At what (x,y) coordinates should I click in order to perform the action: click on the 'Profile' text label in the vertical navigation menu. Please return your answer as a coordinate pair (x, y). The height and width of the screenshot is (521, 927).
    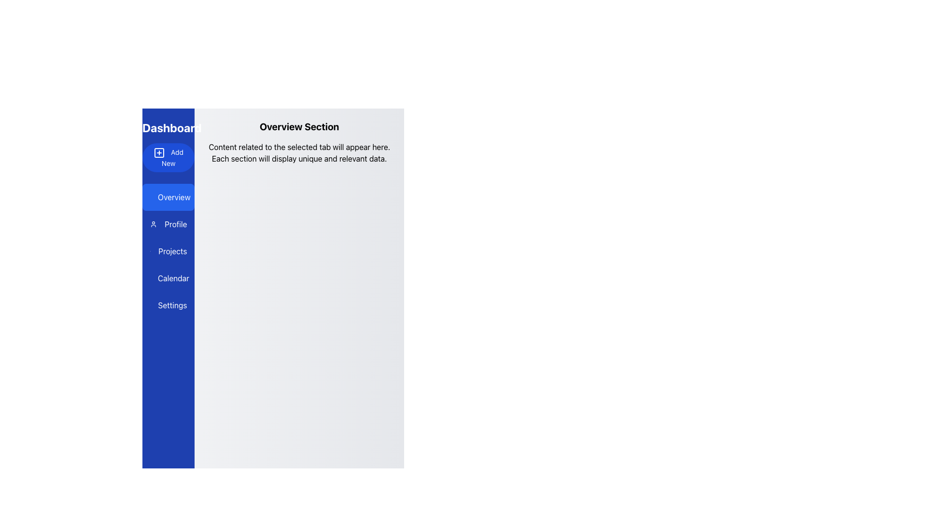
    Looking at the image, I should click on (176, 224).